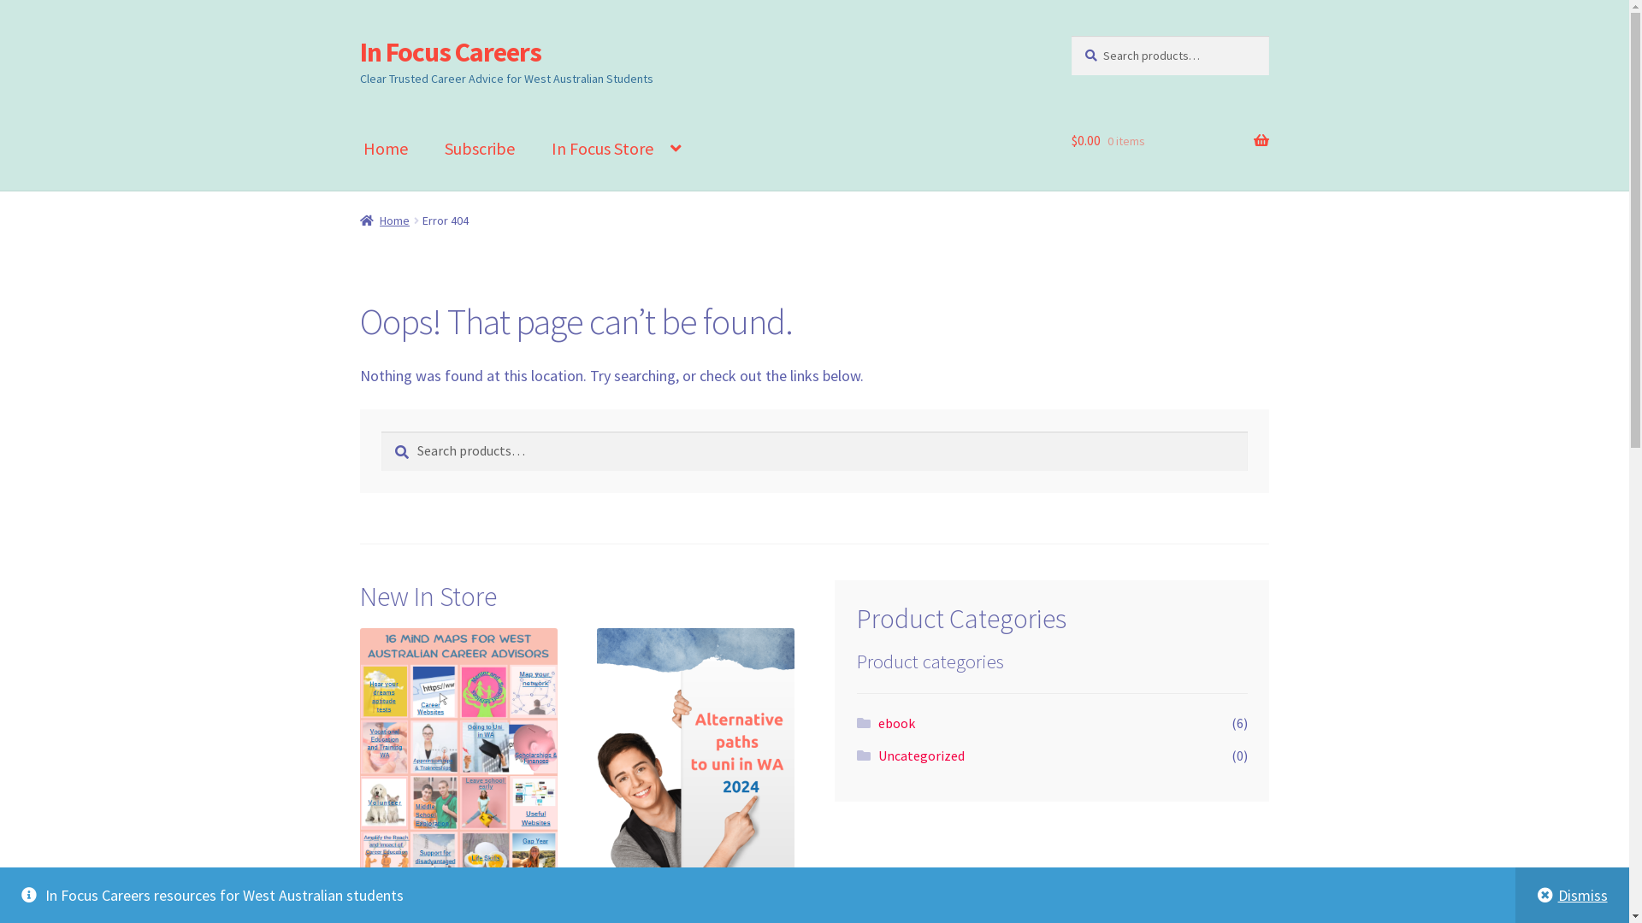  Describe the element at coordinates (533, 148) in the screenshot. I see `'In Focus Store'` at that location.